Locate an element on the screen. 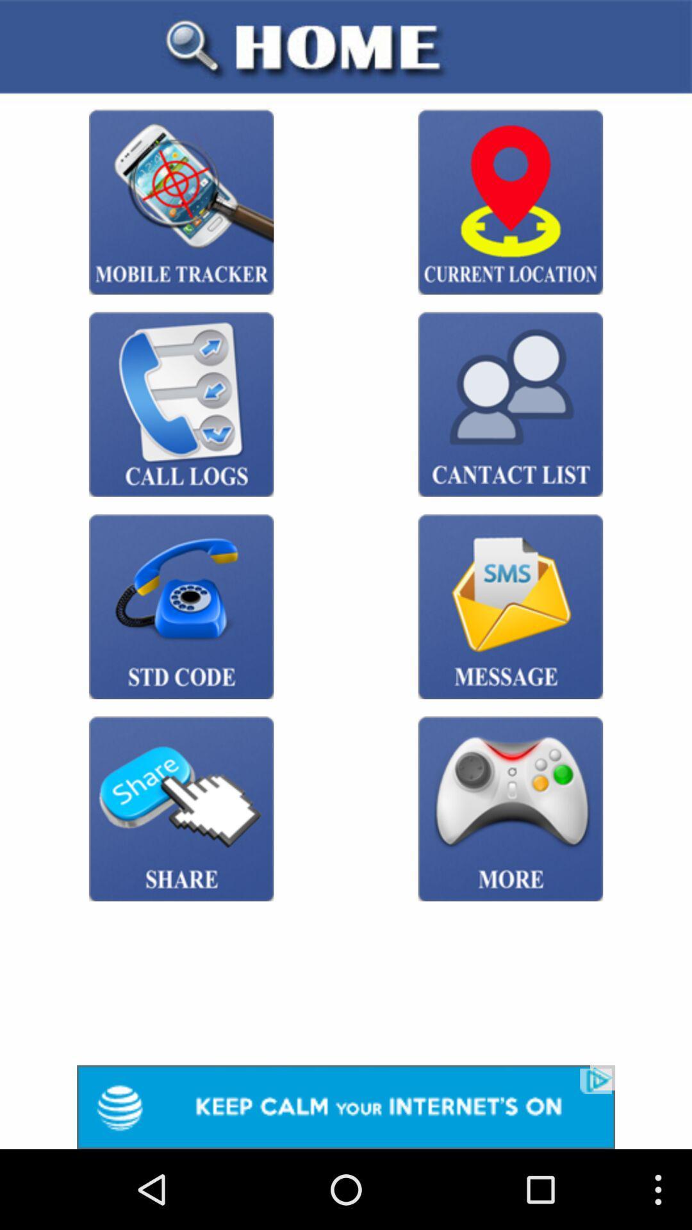  option is located at coordinates (346, 1106).